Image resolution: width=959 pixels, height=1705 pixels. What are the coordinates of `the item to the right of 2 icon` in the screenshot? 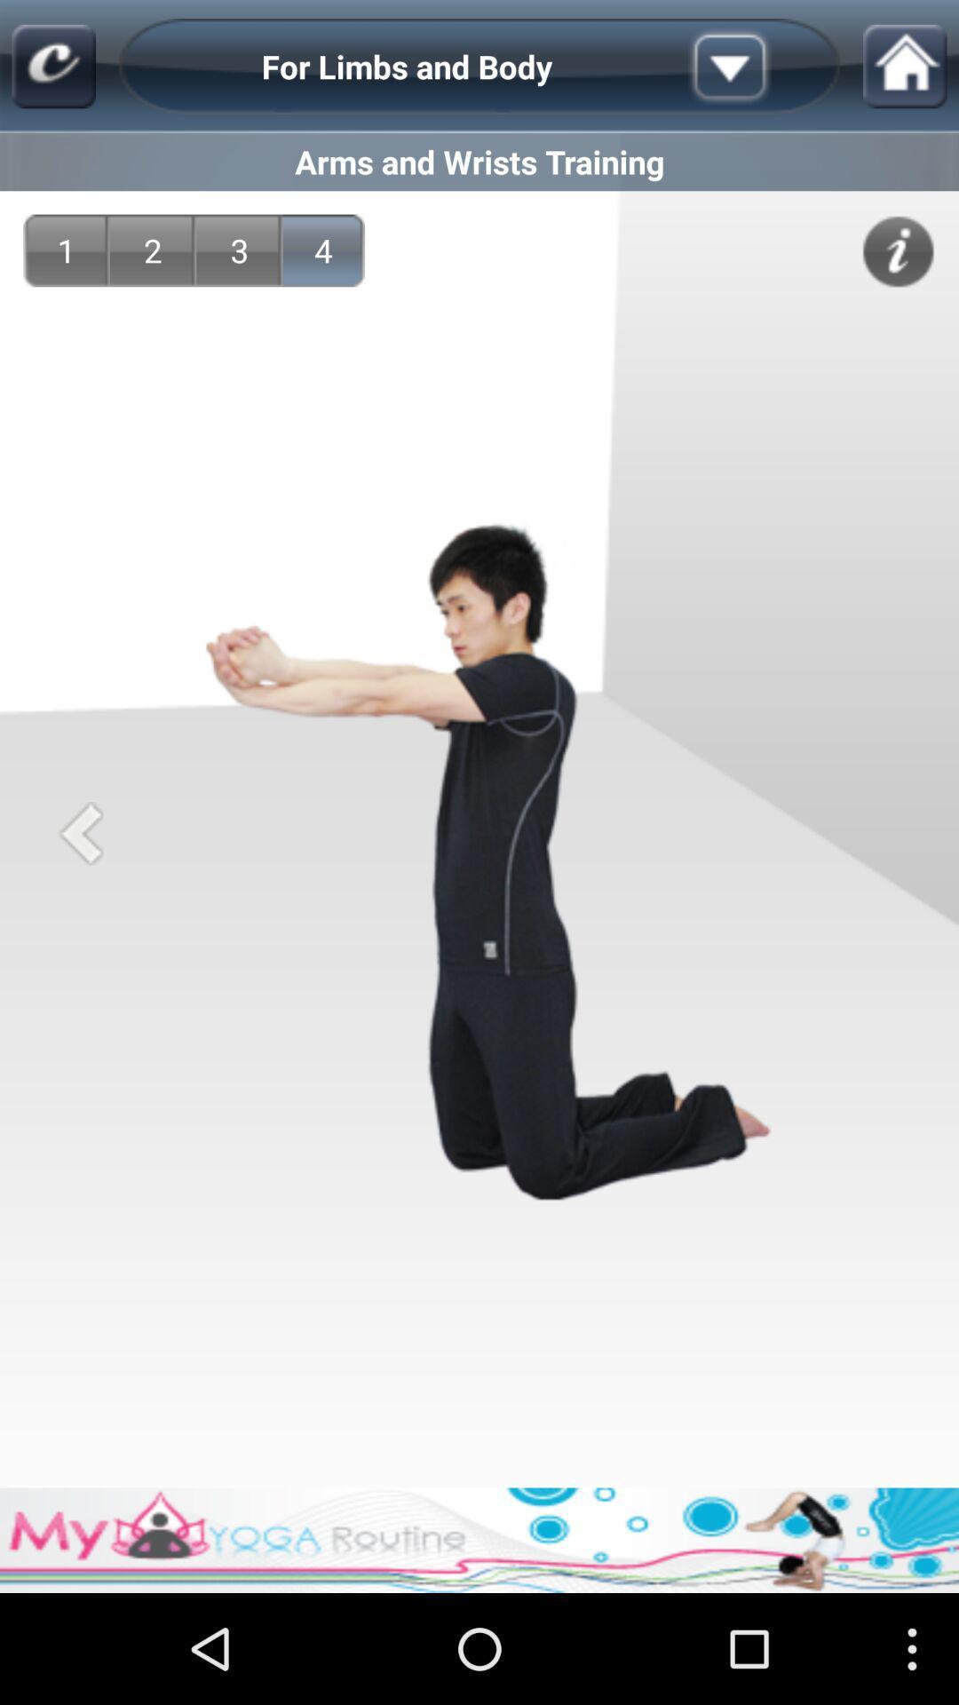 It's located at (240, 250).